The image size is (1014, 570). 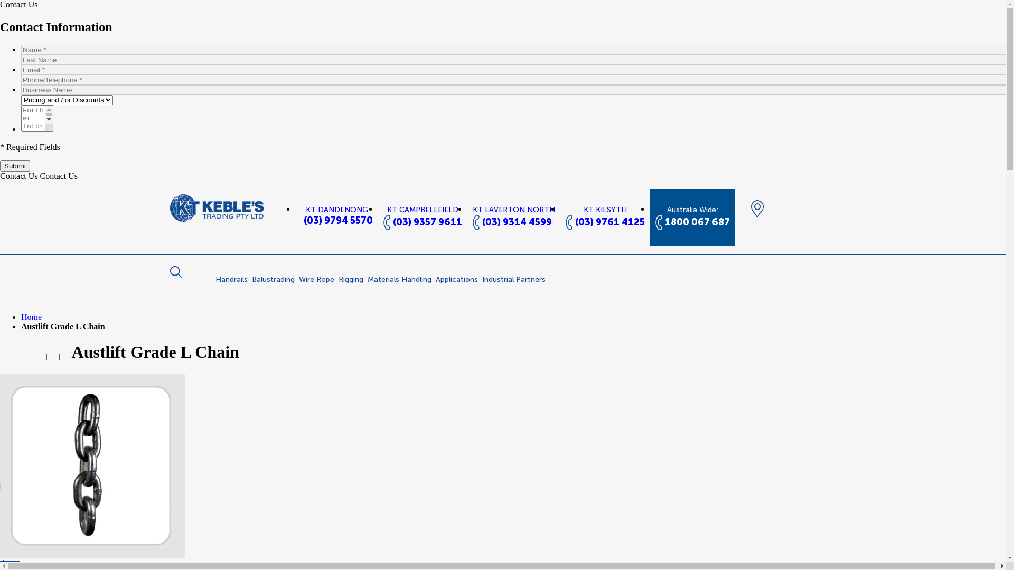 I want to click on 'Submit', so click(x=15, y=166).